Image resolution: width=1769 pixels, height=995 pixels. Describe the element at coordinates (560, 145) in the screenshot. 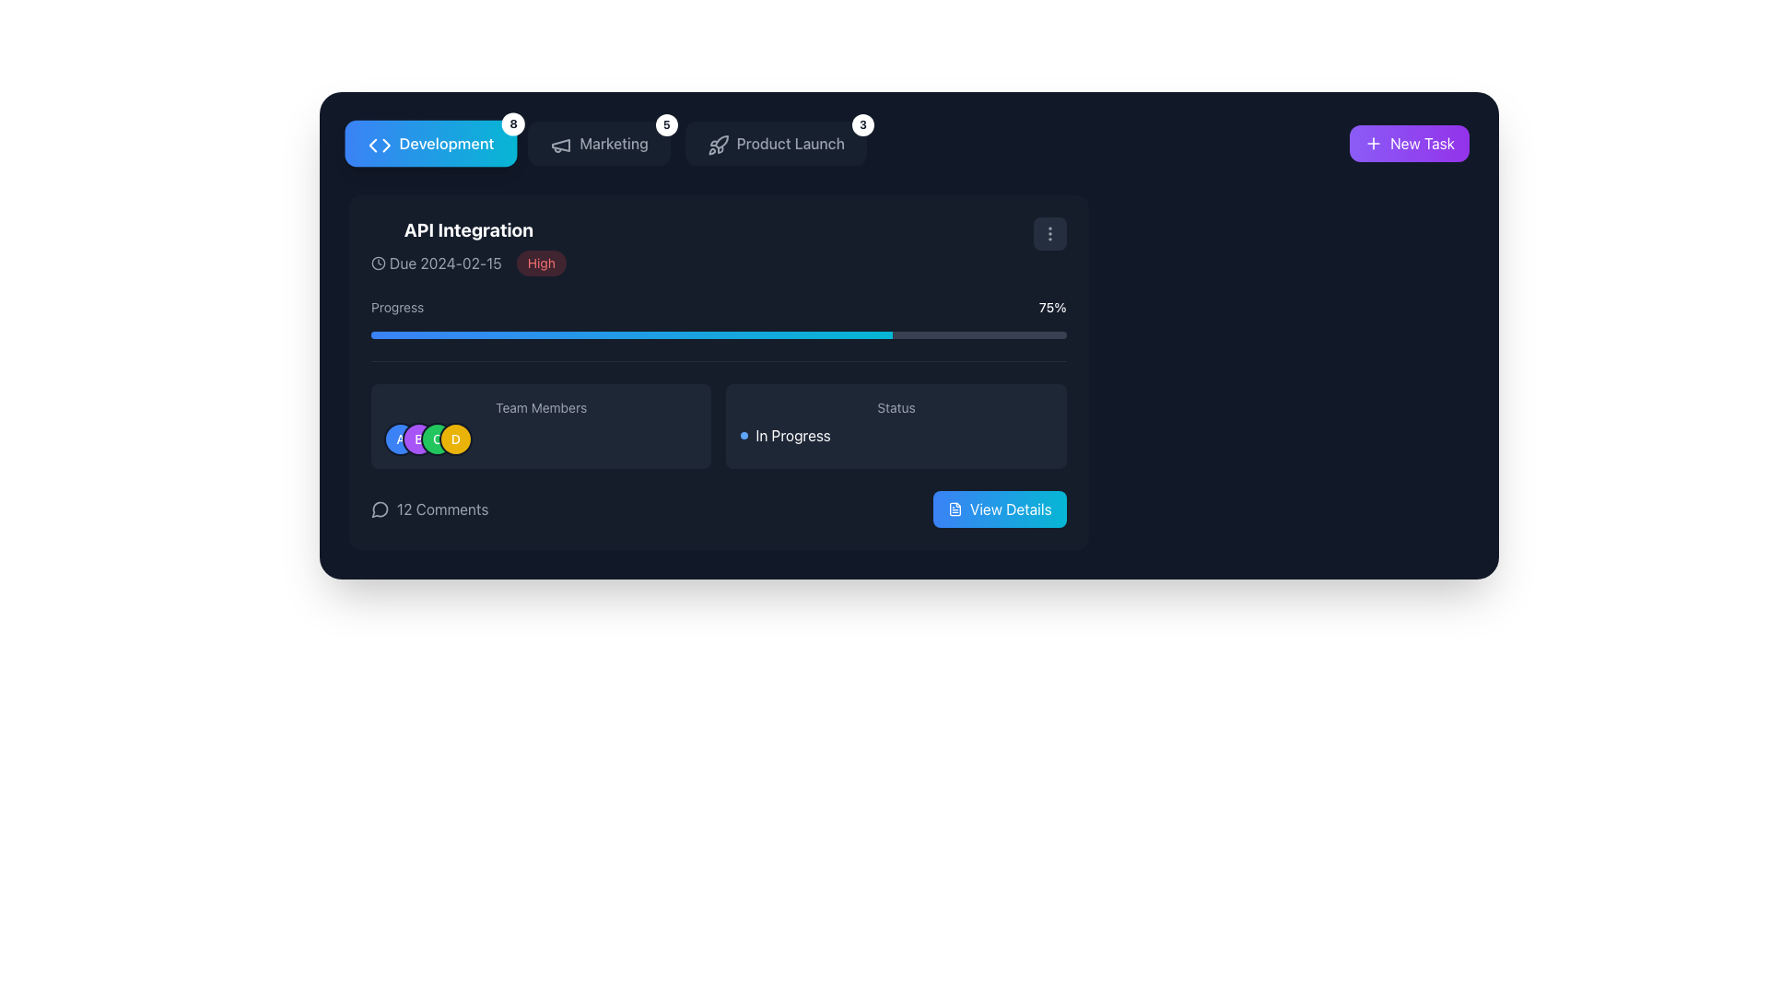

I see `the triangular megaphone icon with a monochrome outline located near the 'Marketing' button in the navigation bar` at that location.